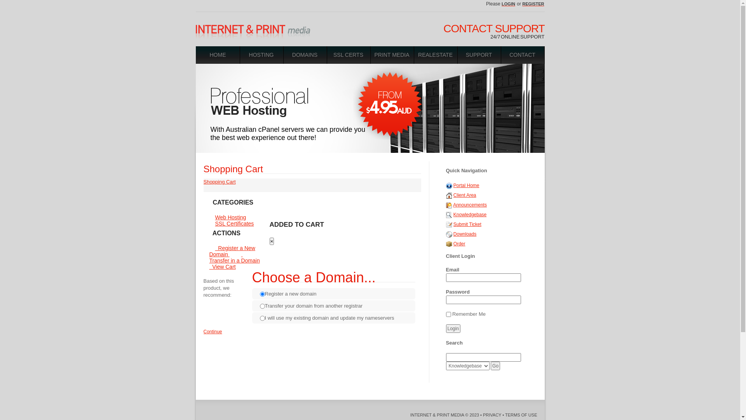 This screenshot has height=420, width=746. Describe the element at coordinates (218, 54) in the screenshot. I see `'HOME'` at that location.